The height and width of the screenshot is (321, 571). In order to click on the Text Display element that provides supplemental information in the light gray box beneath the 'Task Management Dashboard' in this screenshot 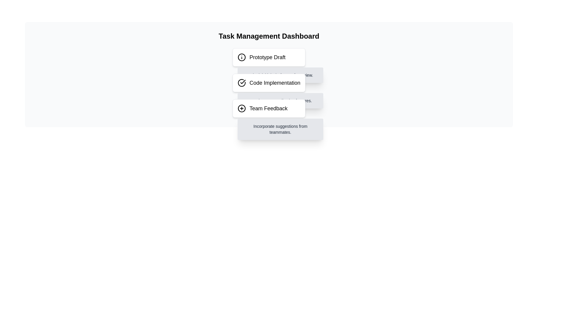, I will do `click(280, 129)`.